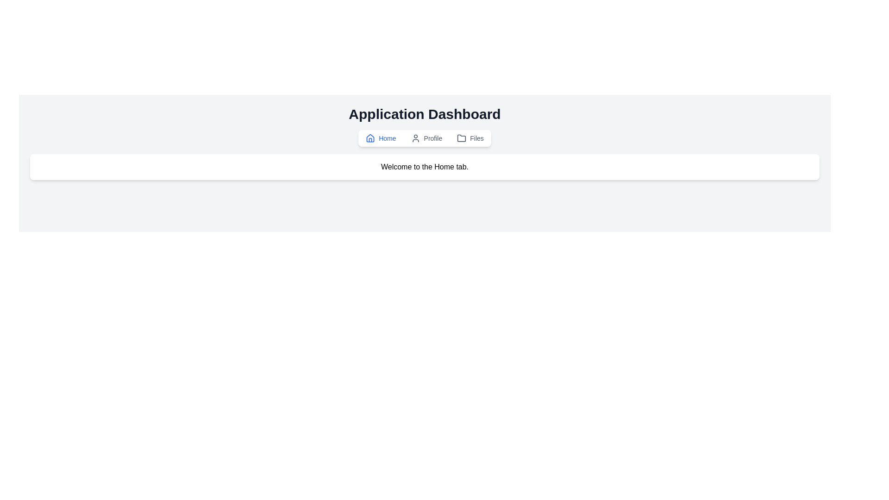 The height and width of the screenshot is (500, 889). What do you see at coordinates (387, 138) in the screenshot?
I see `the 'Home' text label in the navigation bar, which is styled in blue and located next to a house icon` at bounding box center [387, 138].